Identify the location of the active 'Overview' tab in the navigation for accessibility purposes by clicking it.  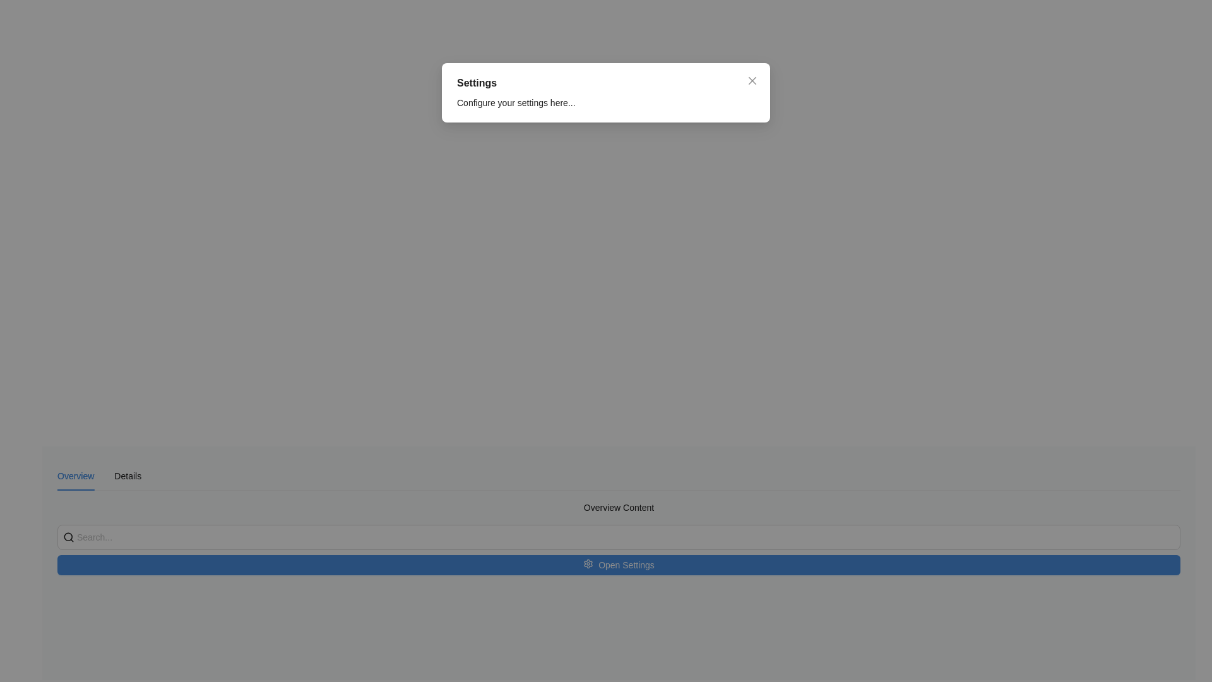
(75, 476).